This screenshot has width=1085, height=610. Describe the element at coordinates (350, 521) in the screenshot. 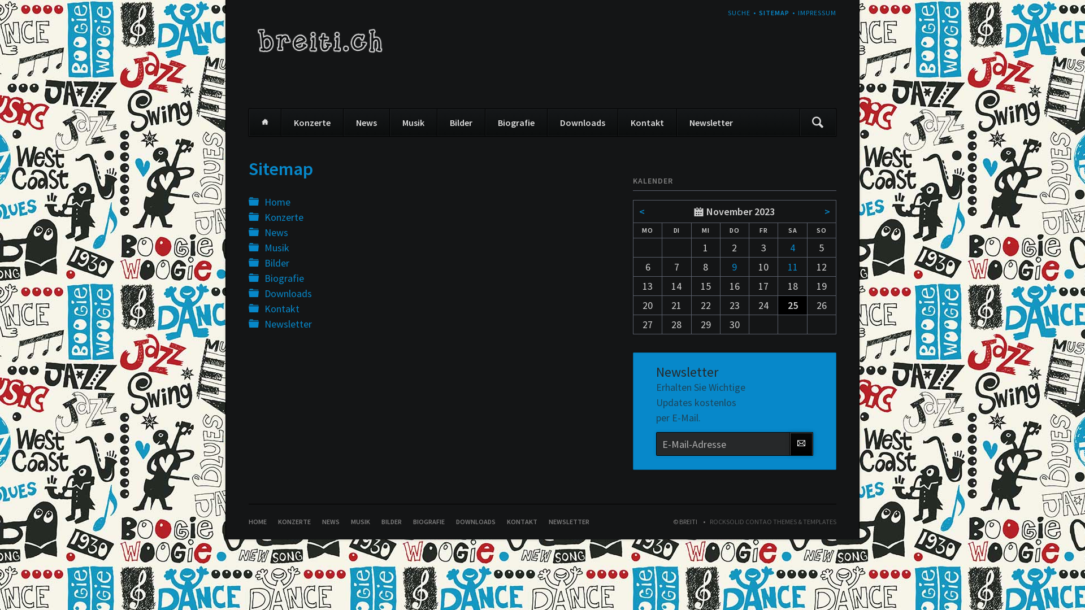

I see `'MUSIK'` at that location.